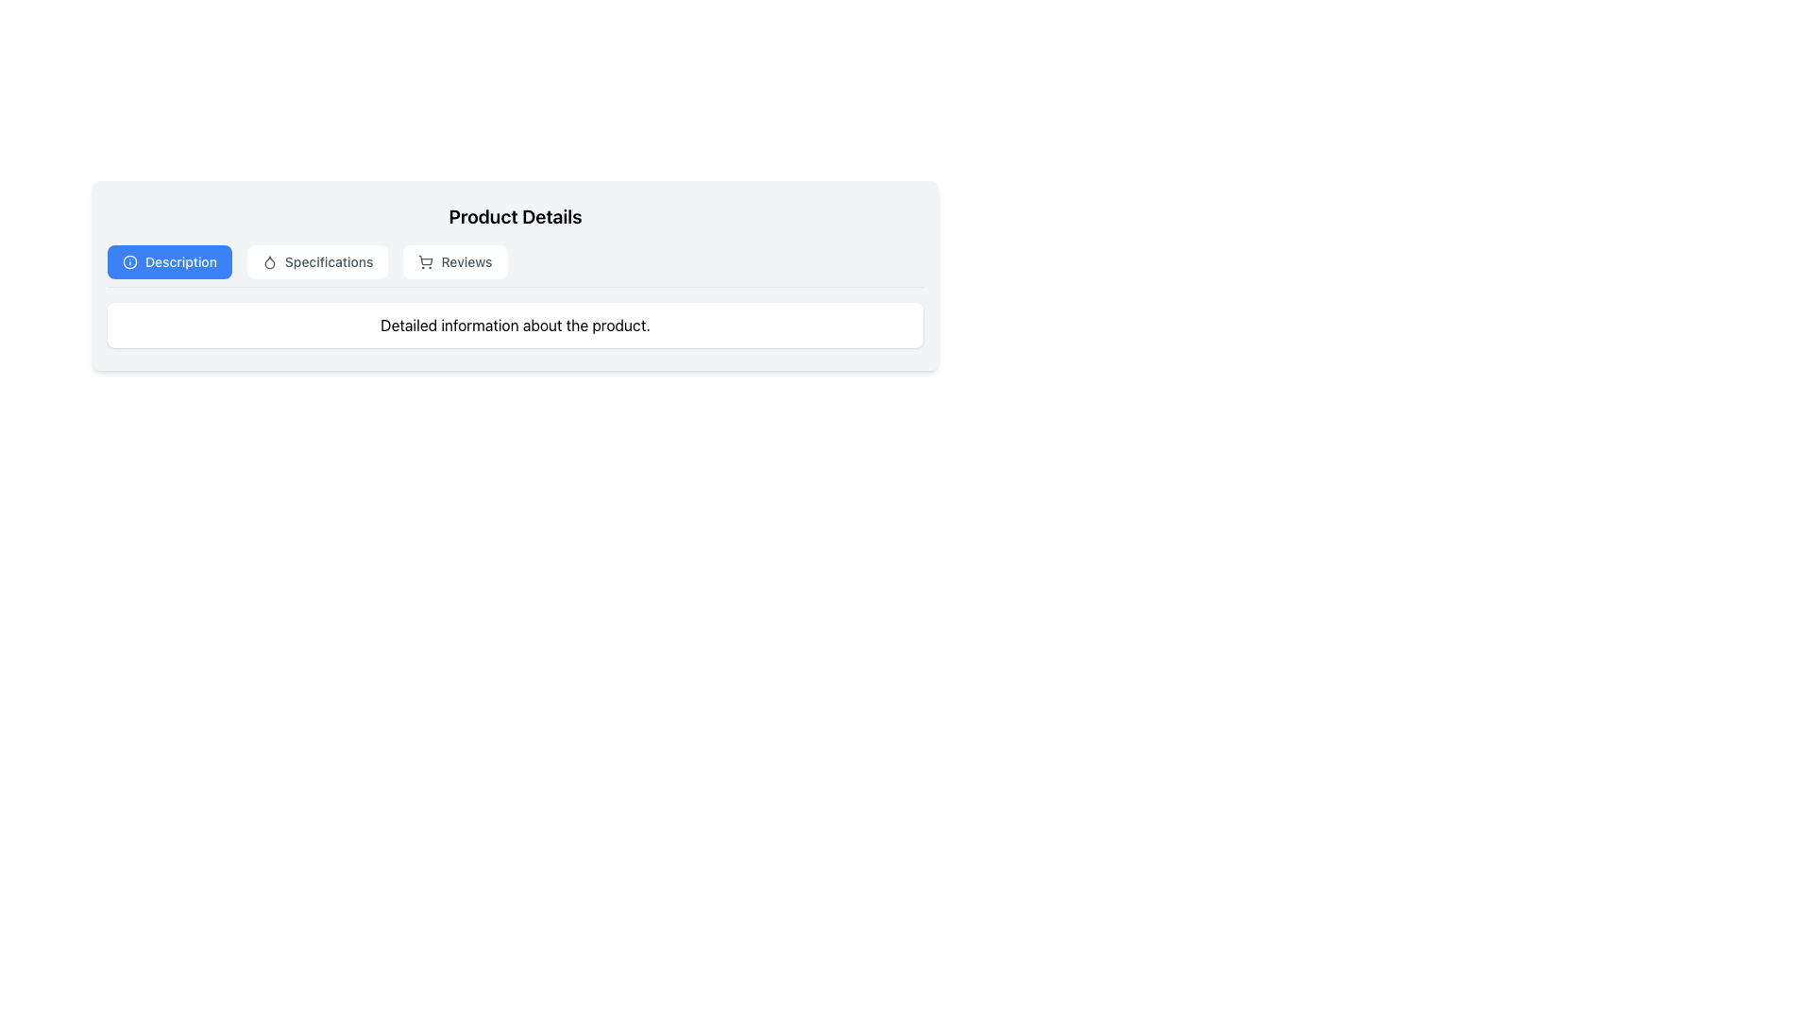  I want to click on the text display panel that contains the text 'Detailed information about the product.' which has a white background and rounded corners, so click(516, 324).